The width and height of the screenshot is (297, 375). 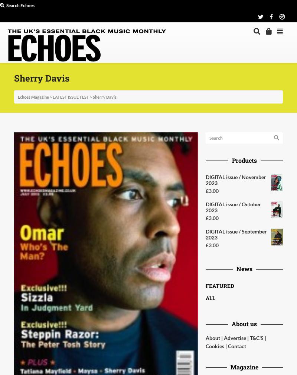 I want to click on 'Advertise', so click(x=235, y=337).